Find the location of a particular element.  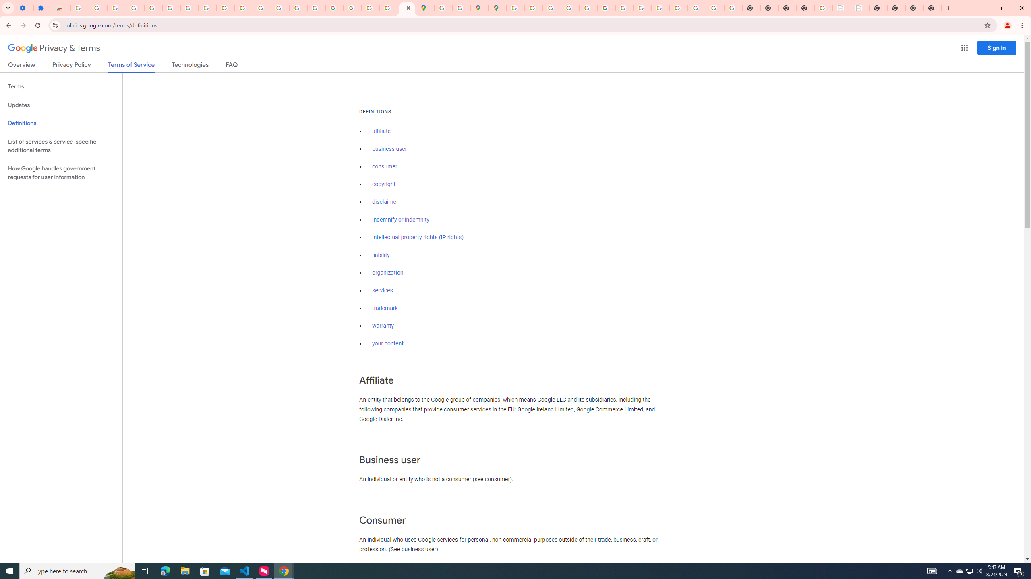

'New Tab' is located at coordinates (932, 8).